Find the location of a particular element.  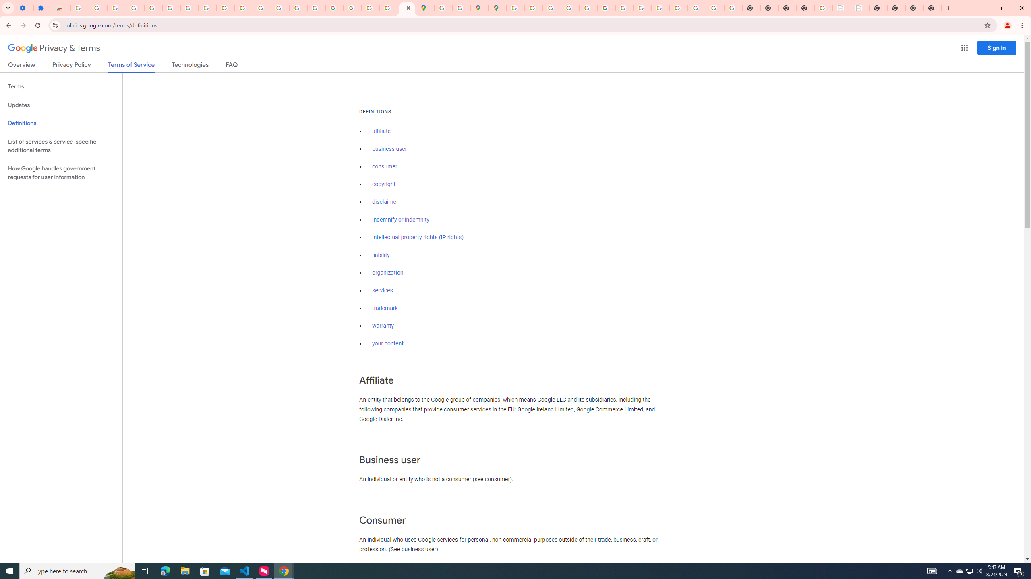

'New Tab' is located at coordinates (932, 8).